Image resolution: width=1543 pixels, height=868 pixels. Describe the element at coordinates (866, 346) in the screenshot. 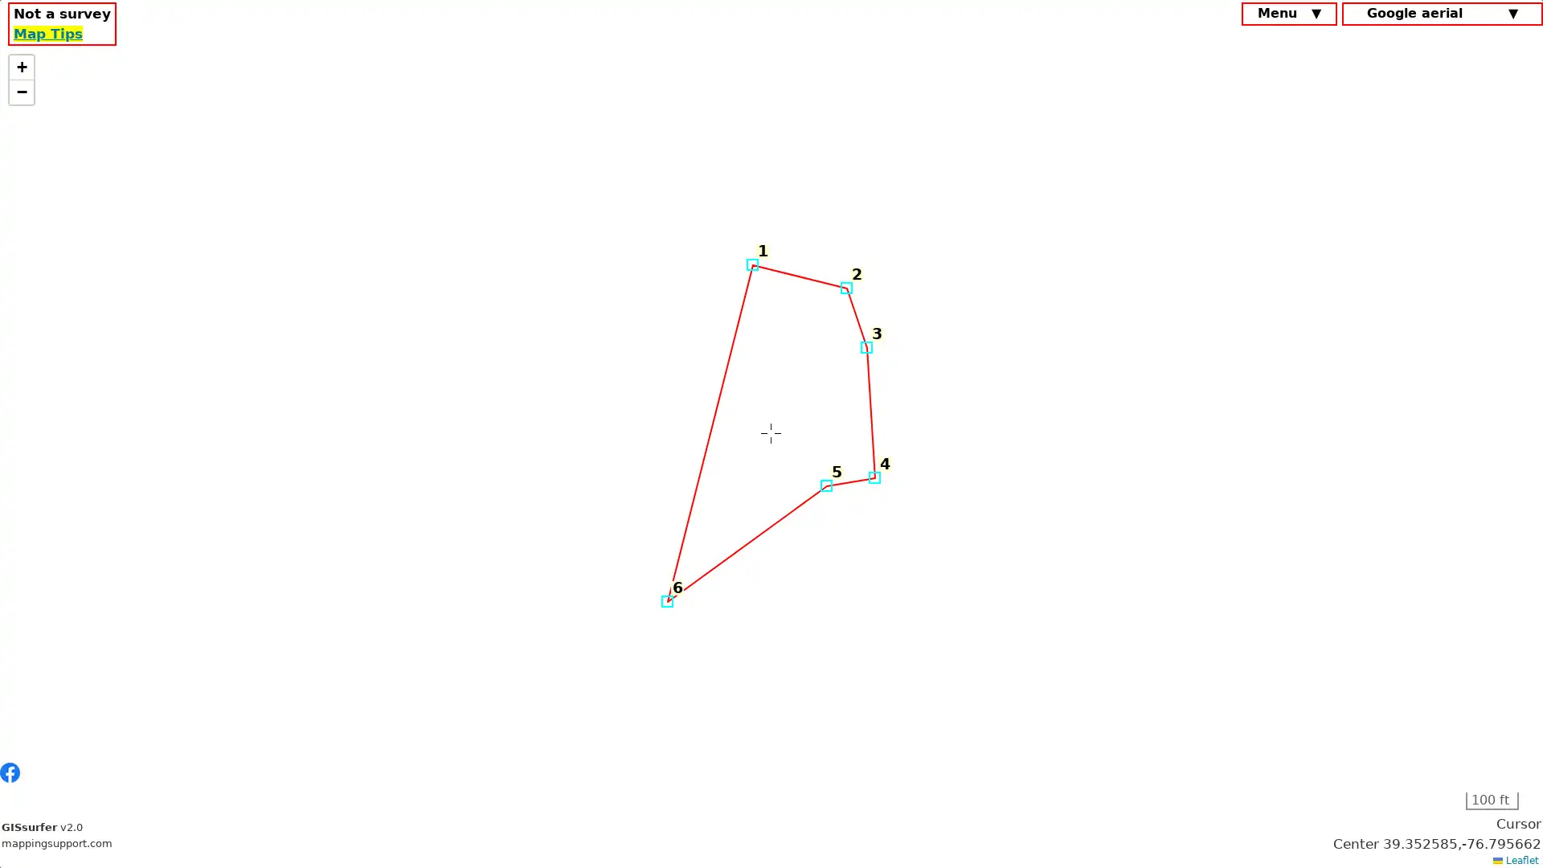

I see `Marker` at that location.